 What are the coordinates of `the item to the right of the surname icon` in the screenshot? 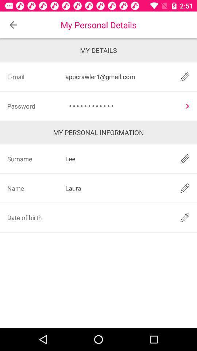 It's located at (118, 188).